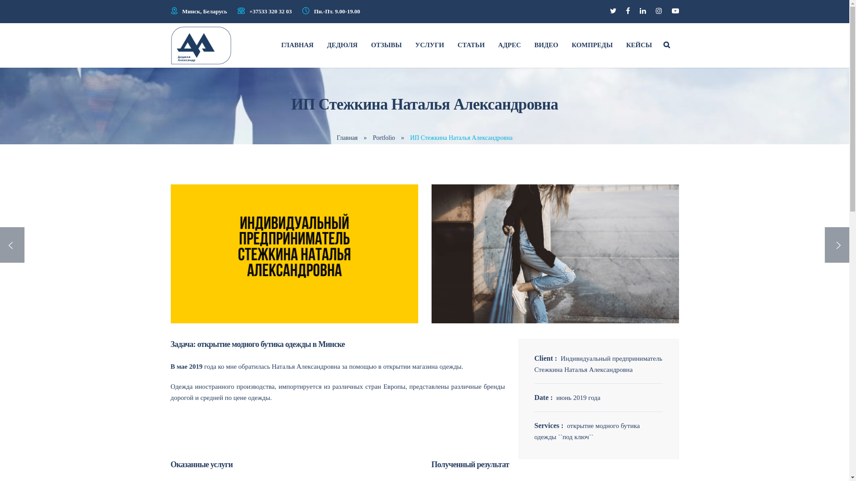 This screenshot has width=856, height=481. What do you see at coordinates (627, 11) in the screenshot?
I see `'Facebook'` at bounding box center [627, 11].